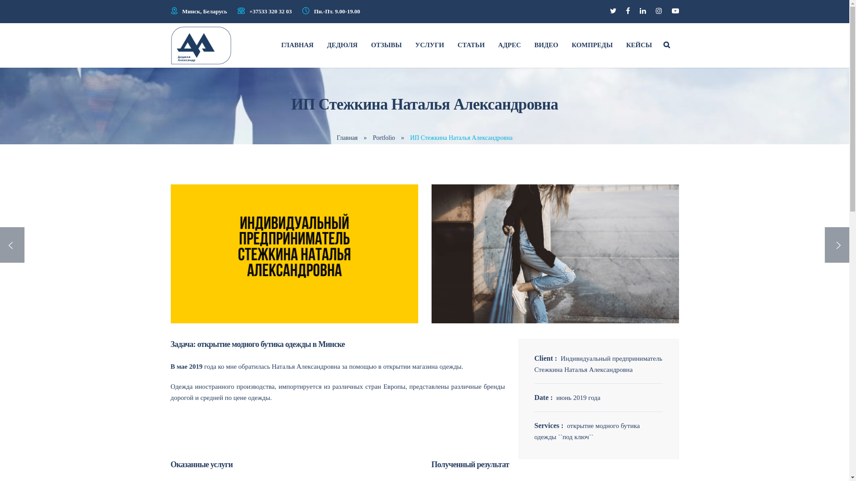 This screenshot has width=856, height=481. What do you see at coordinates (627, 11) in the screenshot?
I see `'Facebook'` at bounding box center [627, 11].